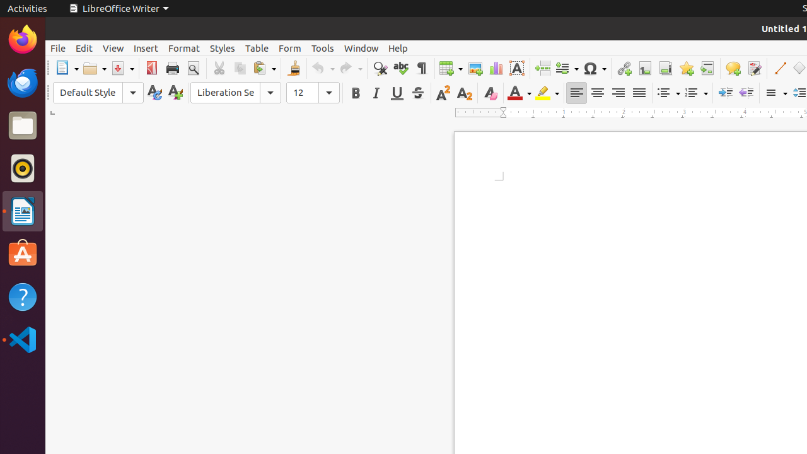  Describe the element at coordinates (361, 47) in the screenshot. I see `'Window'` at that location.